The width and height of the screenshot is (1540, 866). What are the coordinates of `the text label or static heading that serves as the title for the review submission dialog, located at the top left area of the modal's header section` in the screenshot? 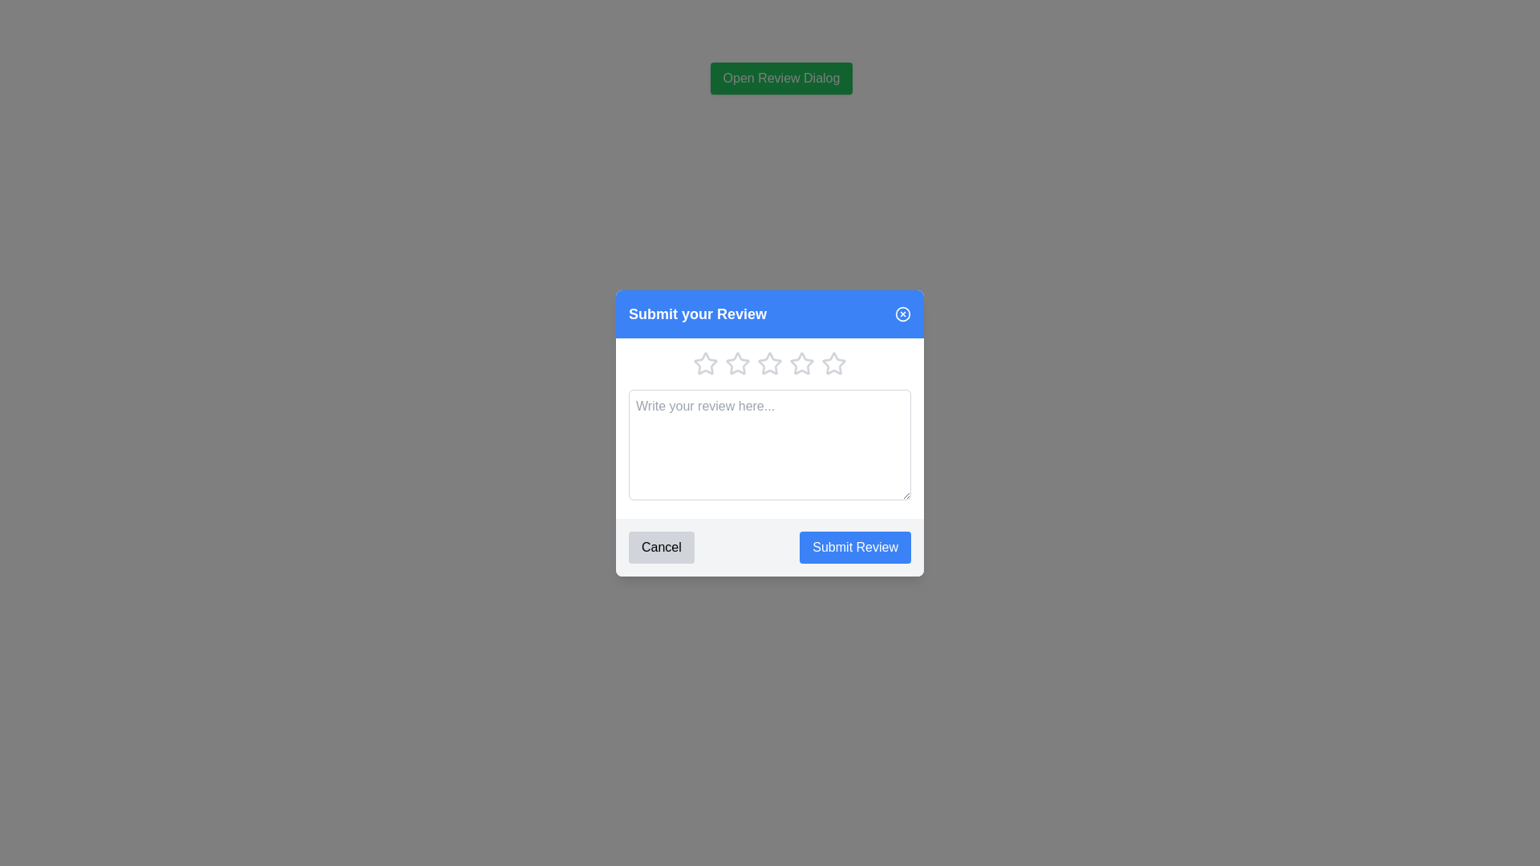 It's located at (697, 314).